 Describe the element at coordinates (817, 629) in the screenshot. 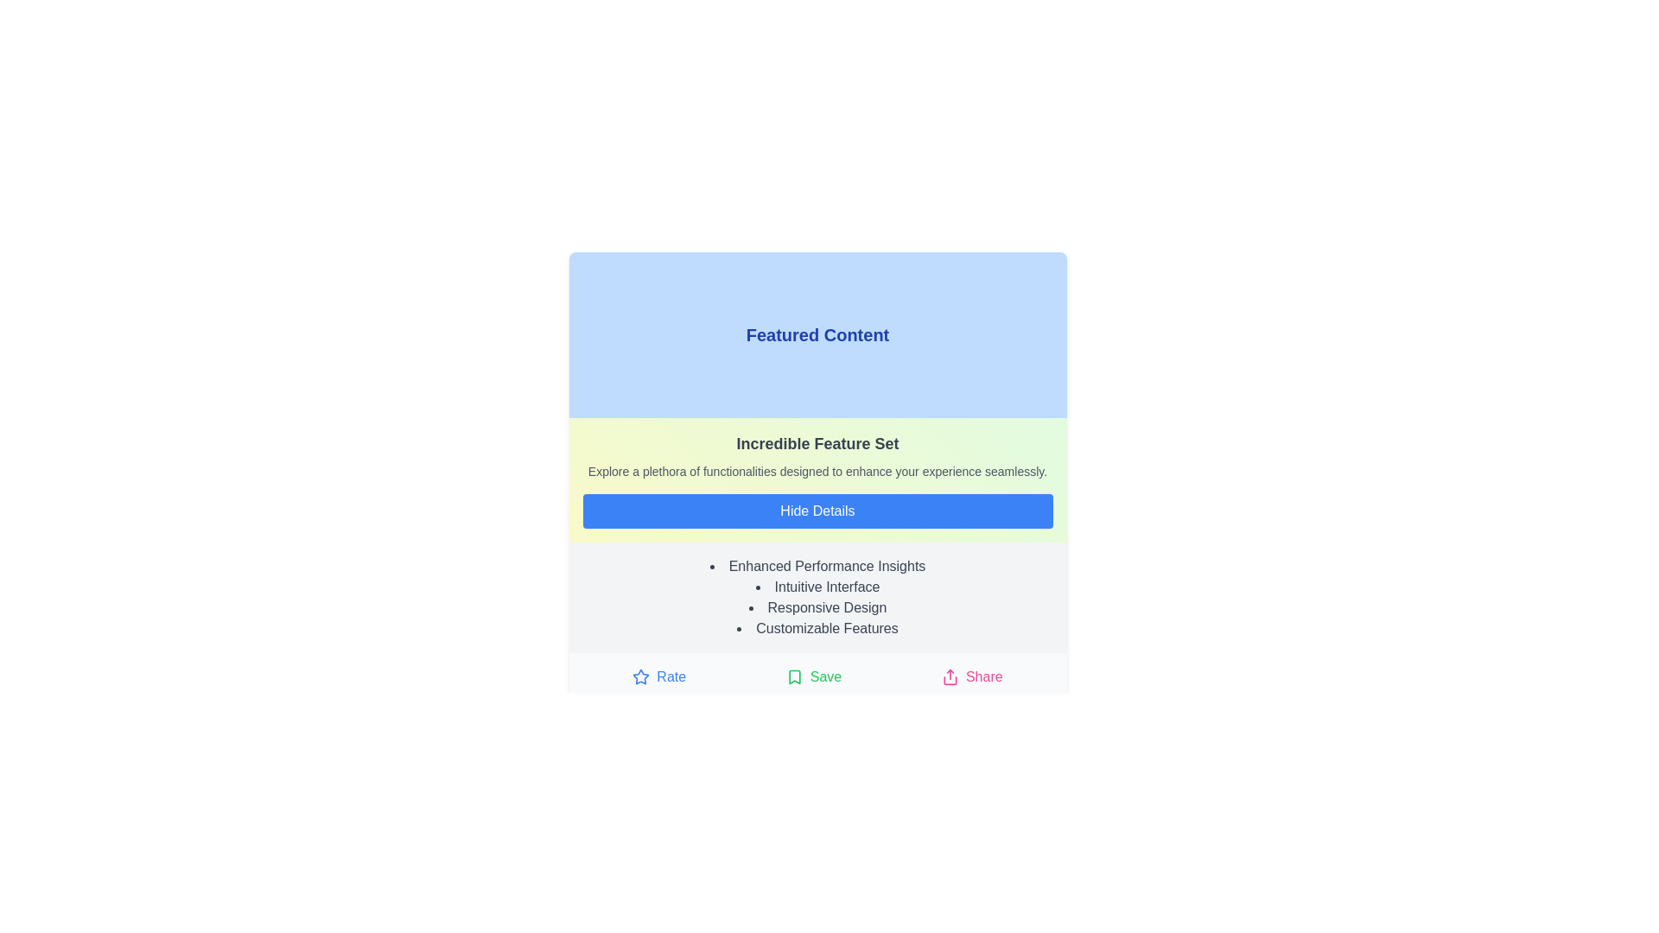

I see `the text label displaying 'Customizable Features', which is the last item in a vertical bulleted list, located below the blue button labeled 'Hide Details'` at that location.